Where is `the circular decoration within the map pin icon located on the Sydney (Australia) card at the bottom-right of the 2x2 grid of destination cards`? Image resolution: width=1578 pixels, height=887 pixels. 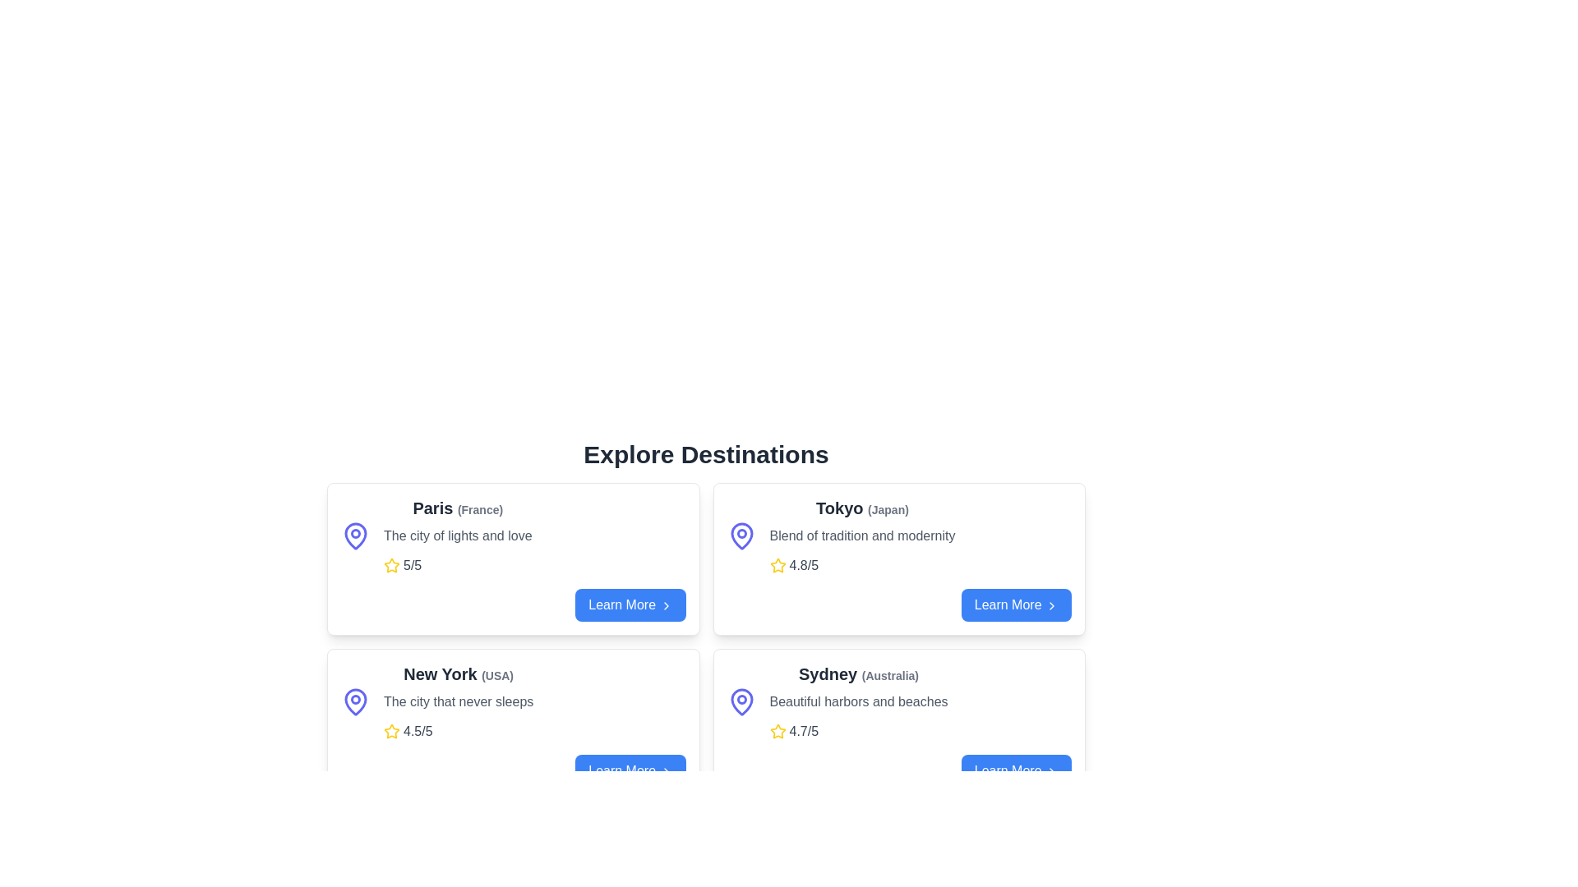 the circular decoration within the map pin icon located on the Sydney (Australia) card at the bottom-right of the 2x2 grid of destination cards is located at coordinates (741, 700).